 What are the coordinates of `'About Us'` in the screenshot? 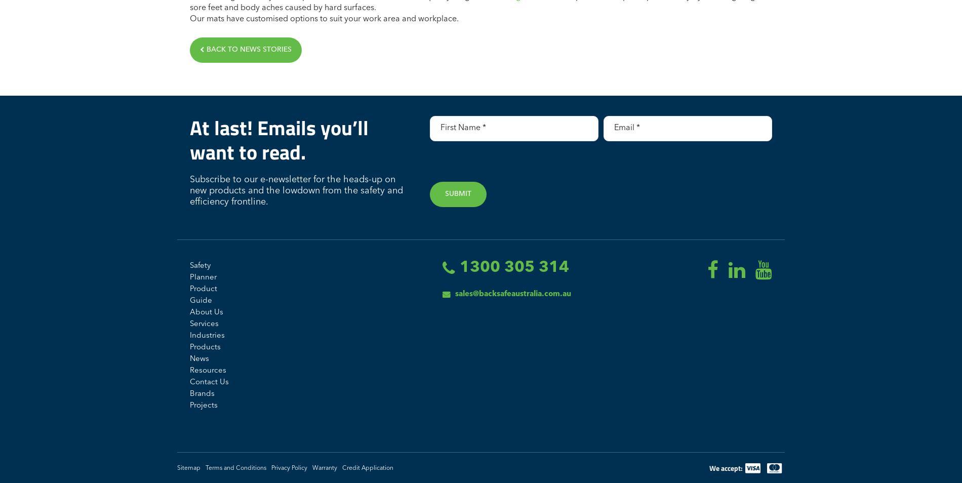 It's located at (206, 311).